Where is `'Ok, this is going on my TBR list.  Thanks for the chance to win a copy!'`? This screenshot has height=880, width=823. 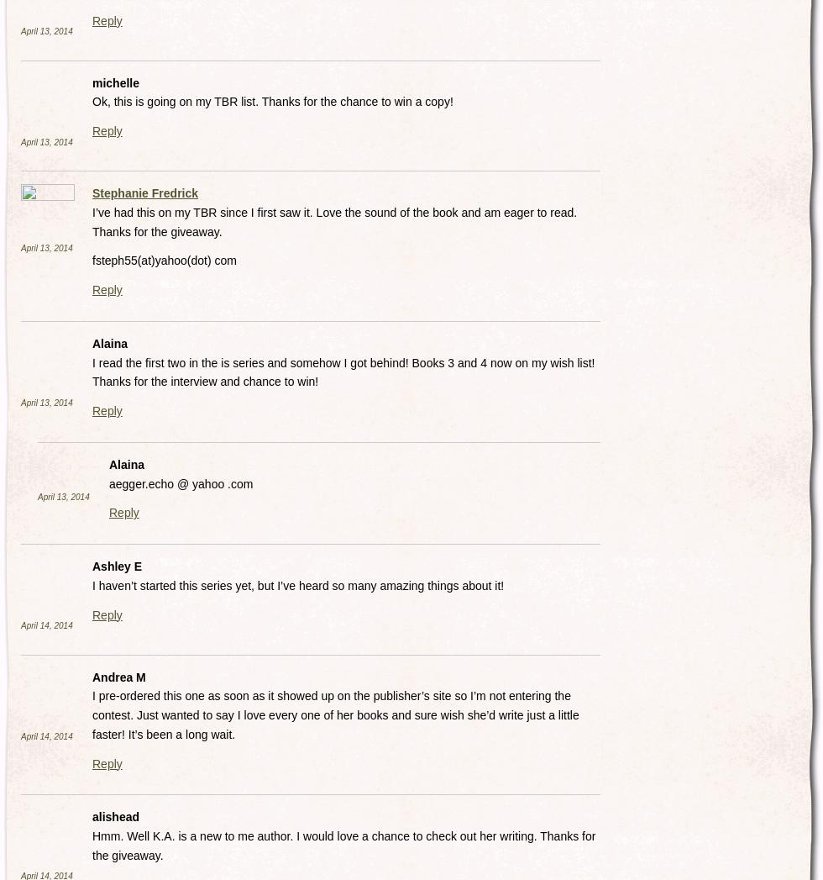
'Ok, this is going on my TBR list.  Thanks for the chance to win a copy!' is located at coordinates (272, 101).